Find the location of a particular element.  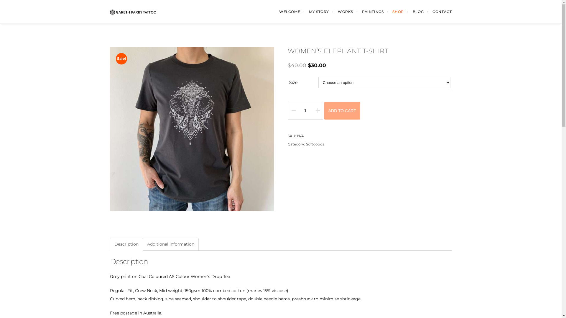

'Qty' is located at coordinates (305, 110).